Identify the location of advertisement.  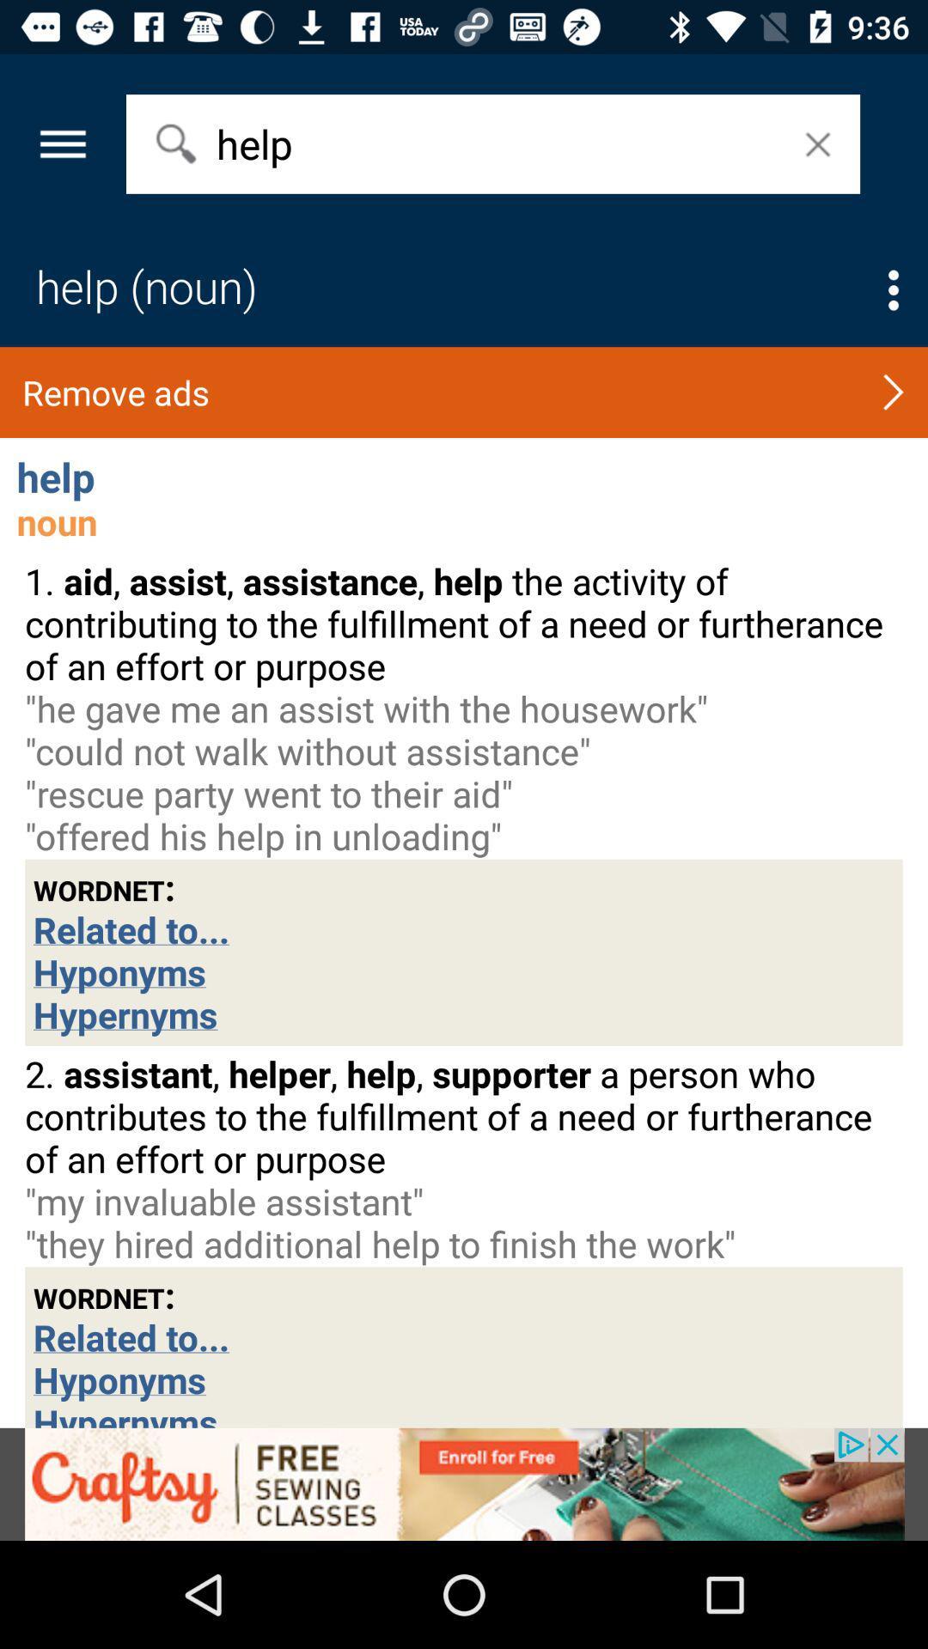
(464, 1483).